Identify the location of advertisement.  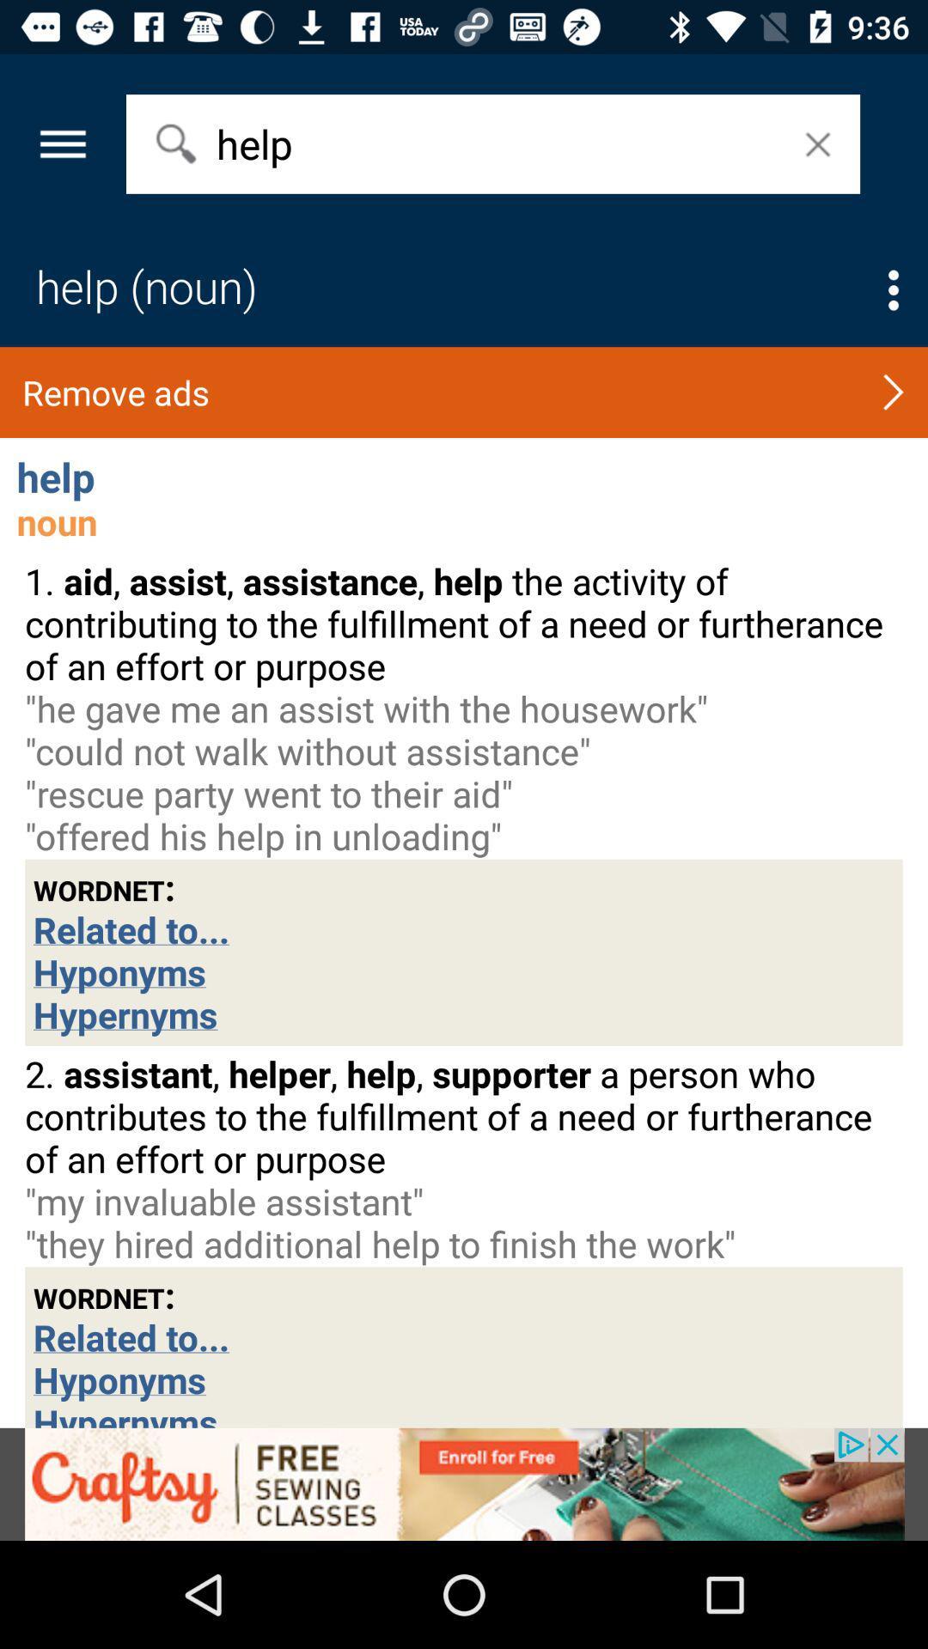
(464, 1483).